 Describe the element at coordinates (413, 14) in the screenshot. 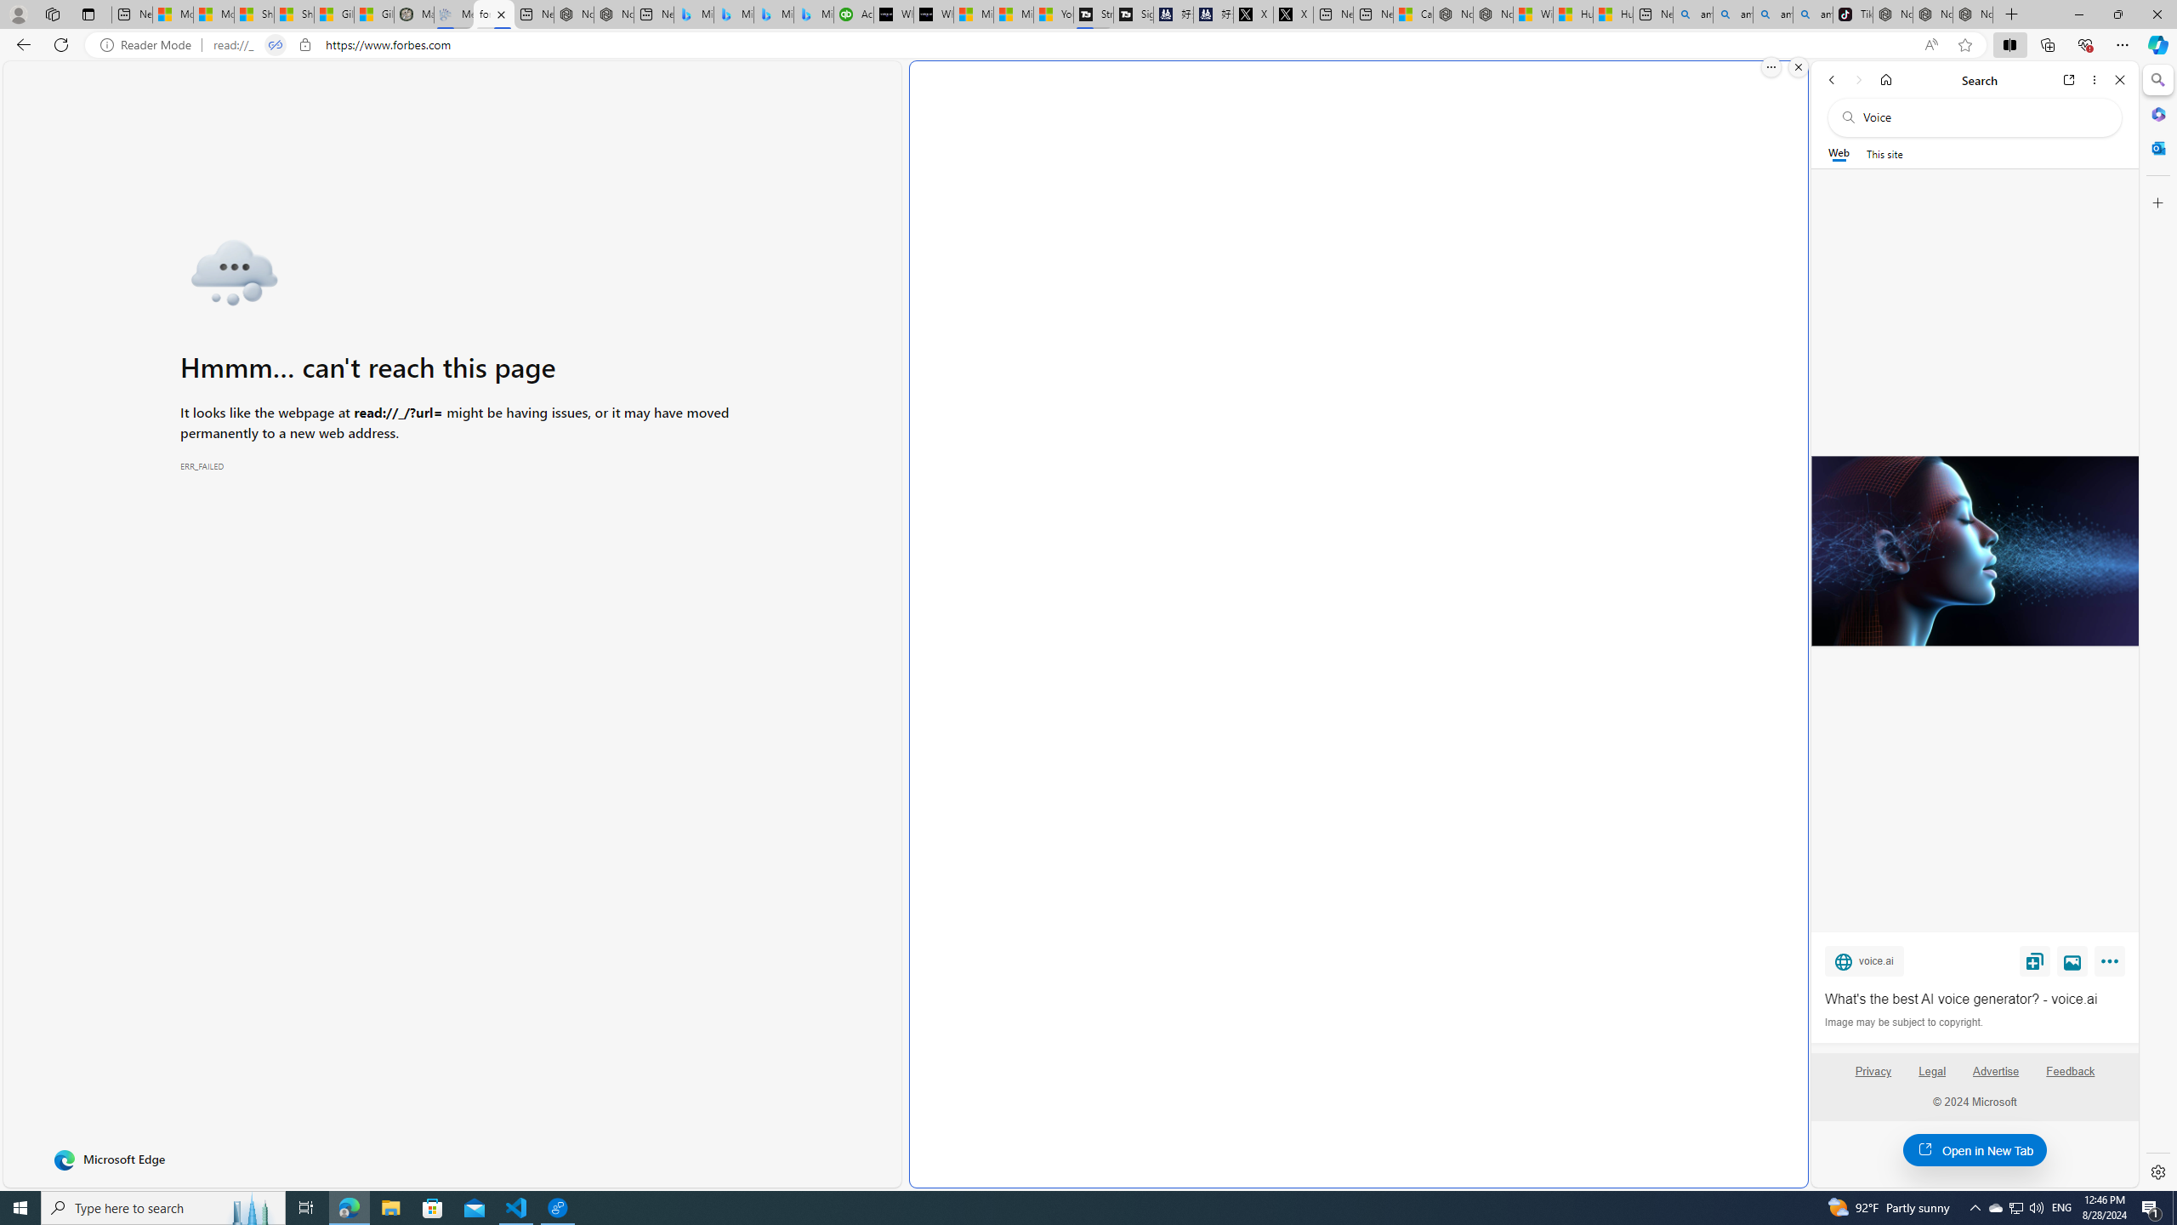

I see `'Manatee Mortality Statistics | FWC'` at that location.